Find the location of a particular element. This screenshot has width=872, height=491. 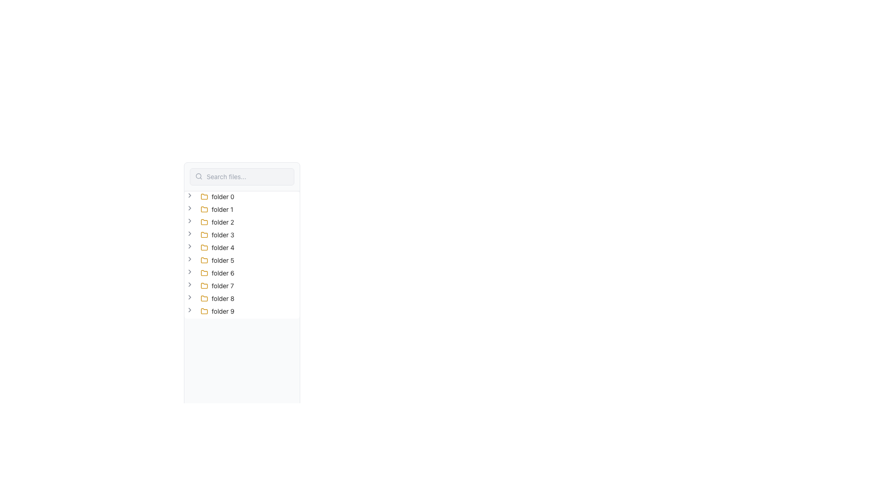

the folder icon located in the hierarchical list under 'folder 7', which visually indicates the presence of a folder is located at coordinates (204, 285).